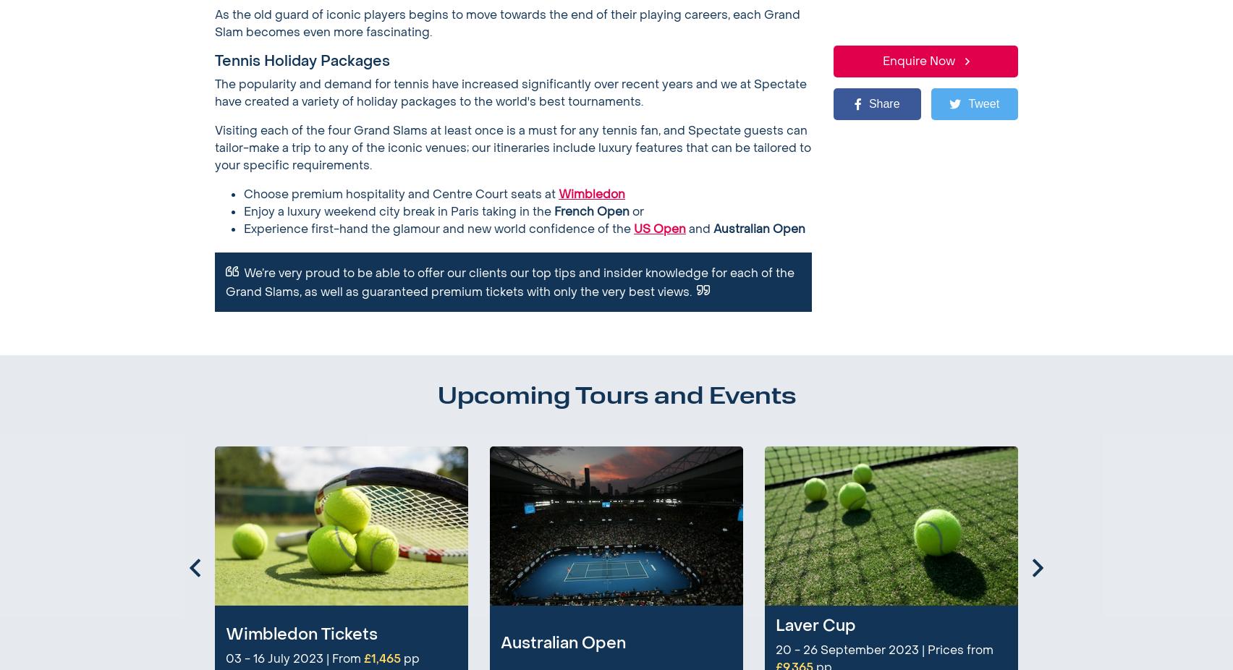 The width and height of the screenshot is (1233, 670). I want to click on 'Enquire Now', so click(572, 148).